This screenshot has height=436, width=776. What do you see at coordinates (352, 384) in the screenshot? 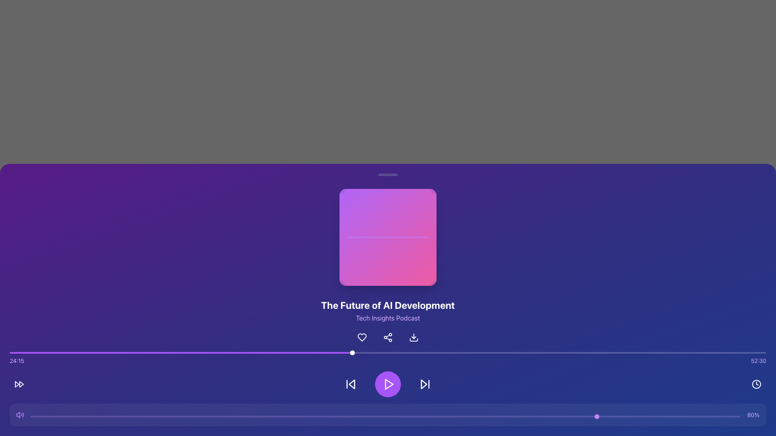
I see `the left-pointing triangular arrow icon button, located on the bottom control bar, to explore advanced options if supported` at bounding box center [352, 384].